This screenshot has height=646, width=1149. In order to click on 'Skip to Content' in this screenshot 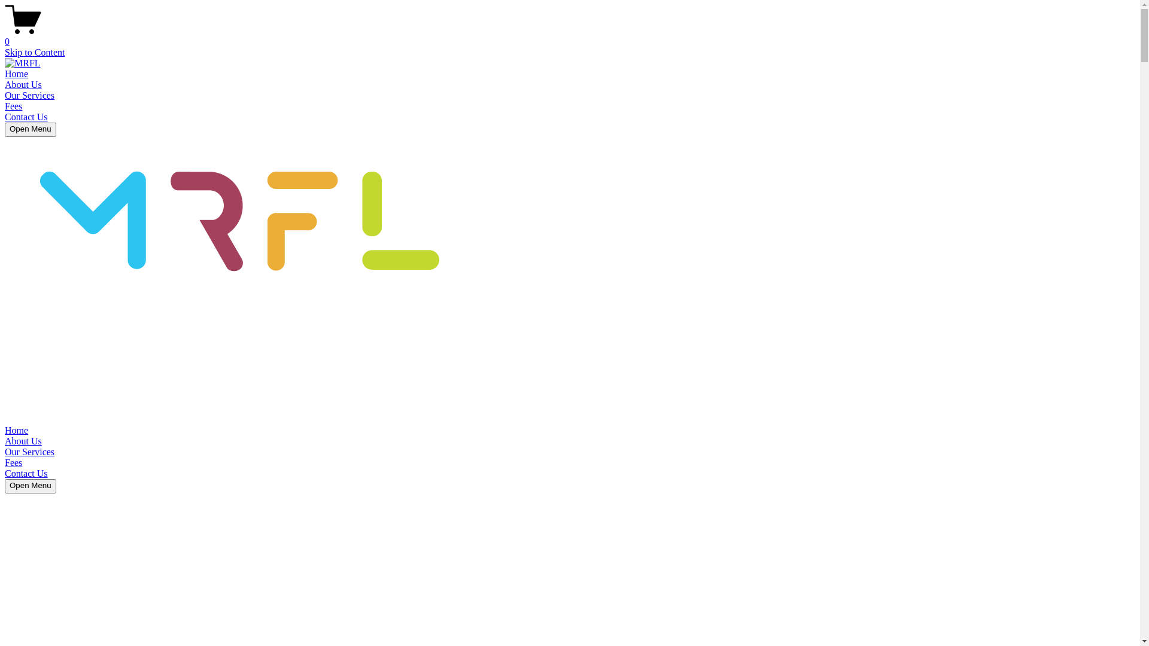, I will do `click(34, 51)`.